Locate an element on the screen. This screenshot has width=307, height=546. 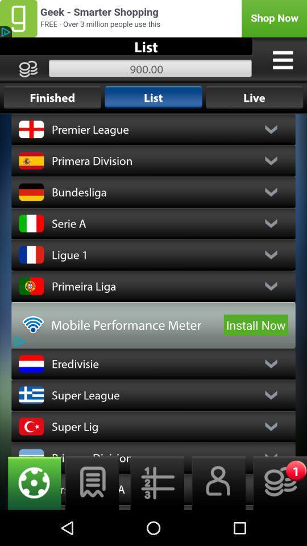
the list icon is located at coordinates (153, 517).